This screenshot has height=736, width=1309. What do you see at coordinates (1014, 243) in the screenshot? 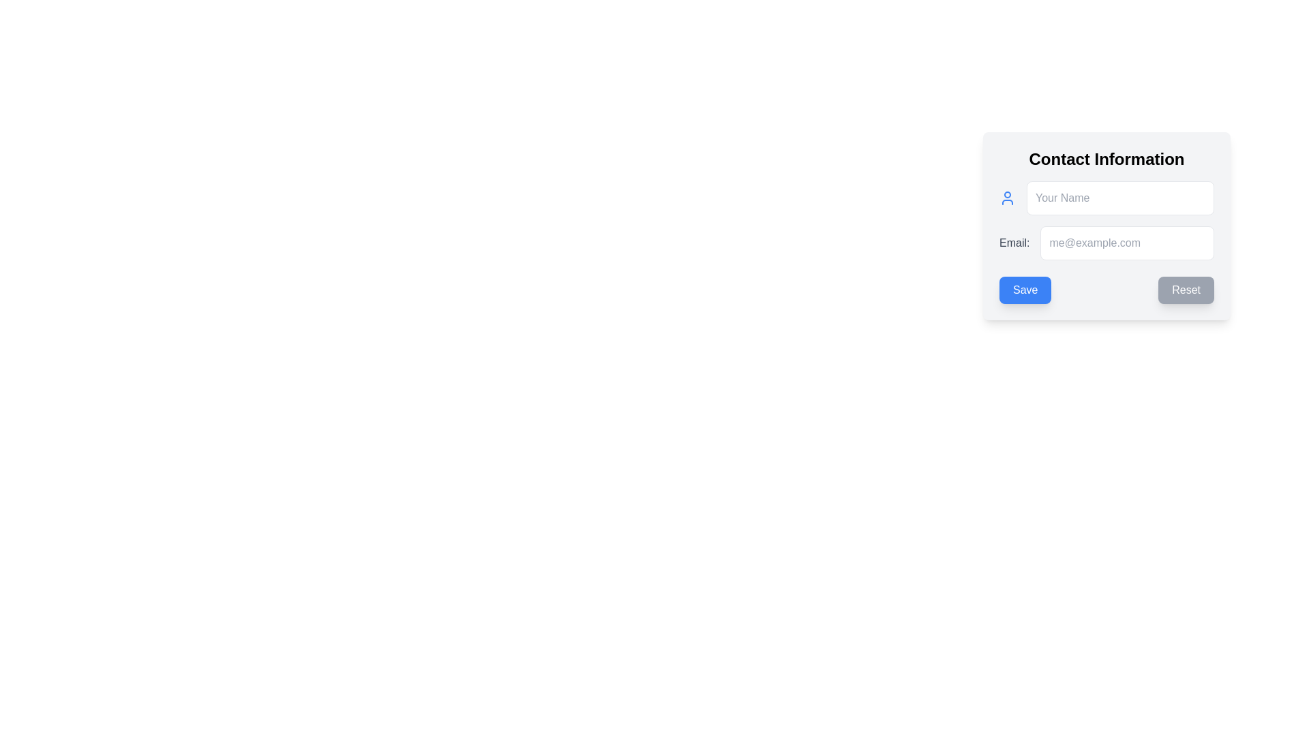
I see `text of the label located in the second row of the form, to the left of the email input field` at bounding box center [1014, 243].